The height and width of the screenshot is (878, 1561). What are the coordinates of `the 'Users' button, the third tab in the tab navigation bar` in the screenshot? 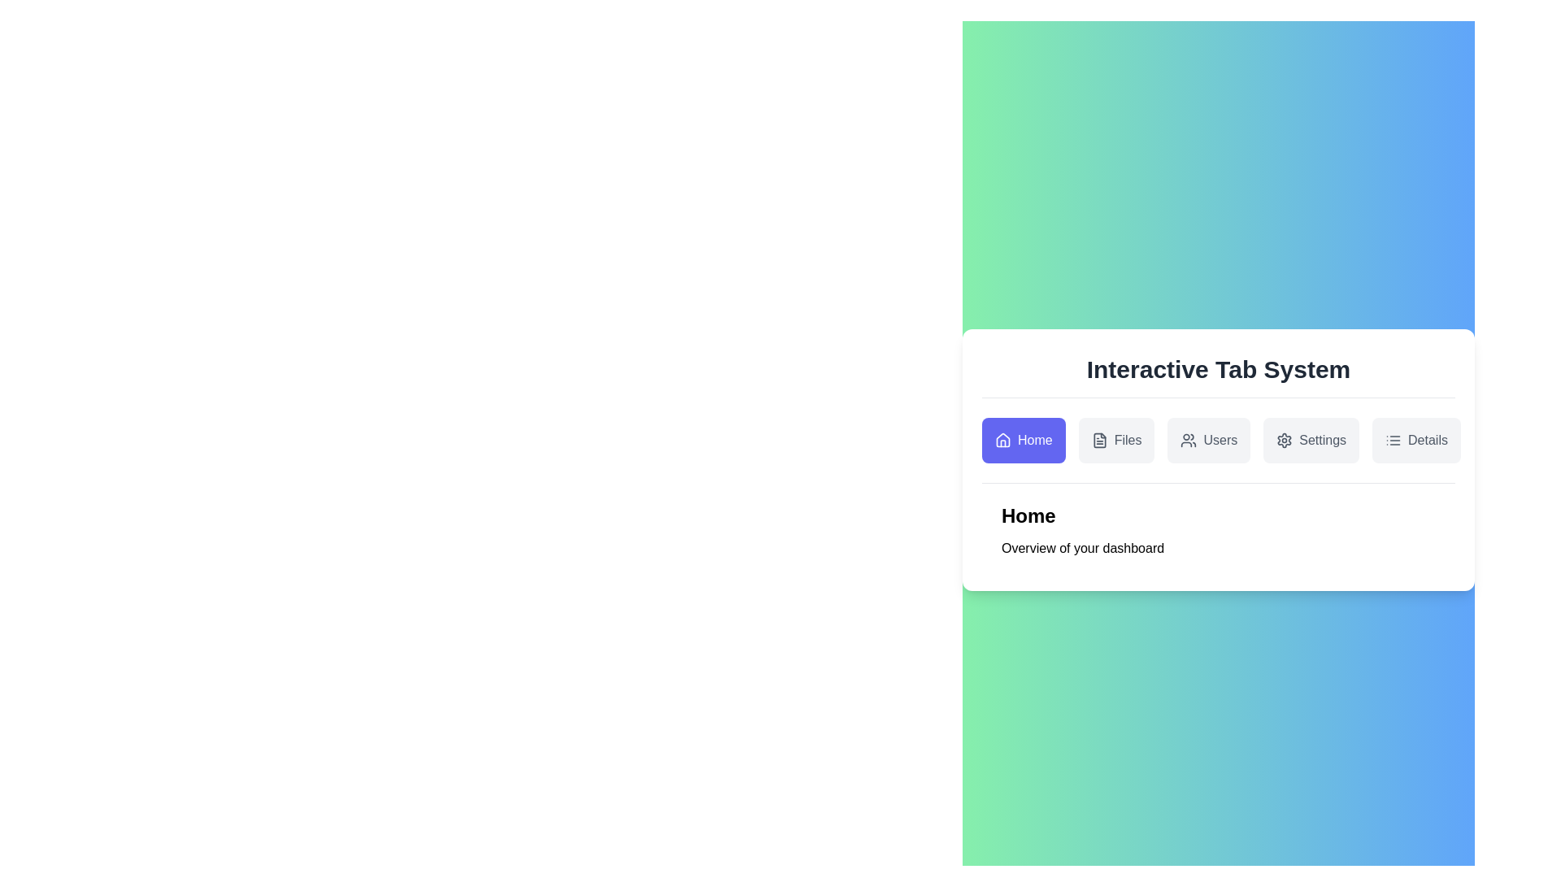 It's located at (1209, 441).